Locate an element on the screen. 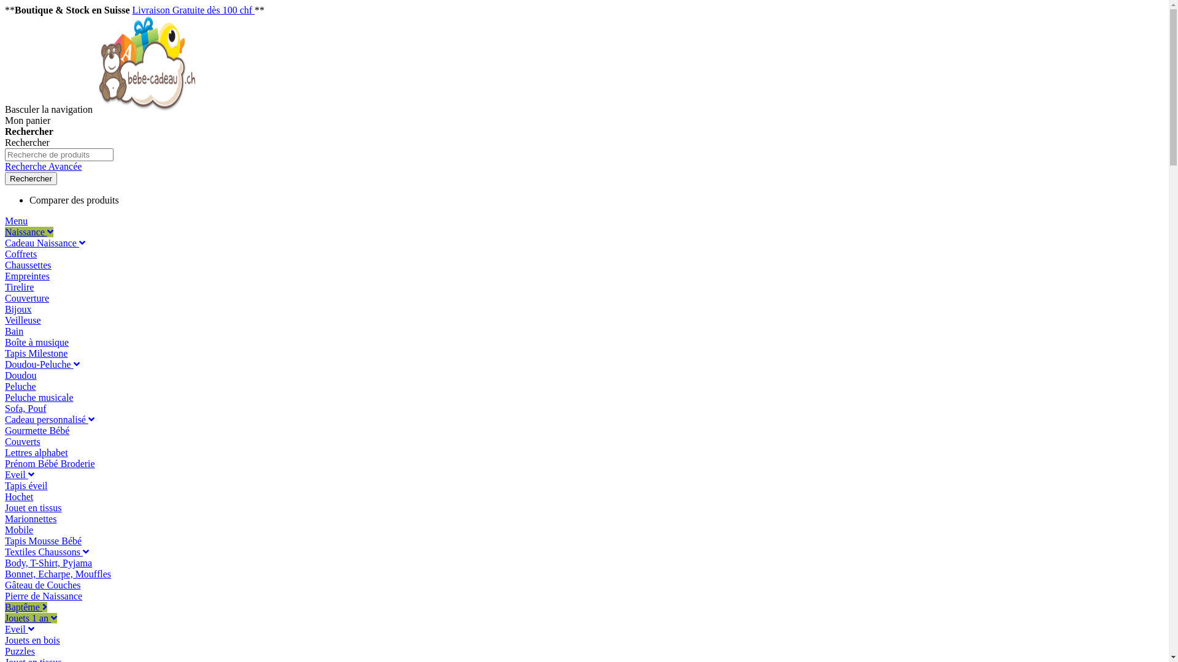 The image size is (1178, 662). 'Puzzles' is located at coordinates (5, 650).